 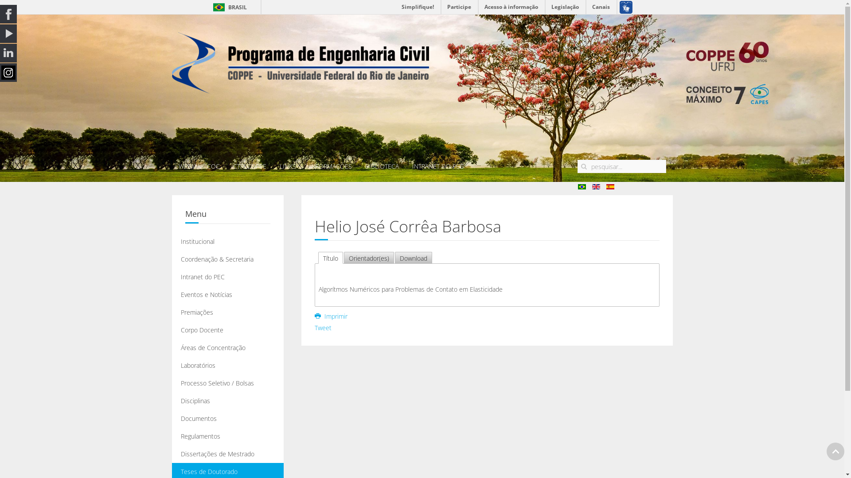 I want to click on 'BRASIL', so click(x=228, y=7).